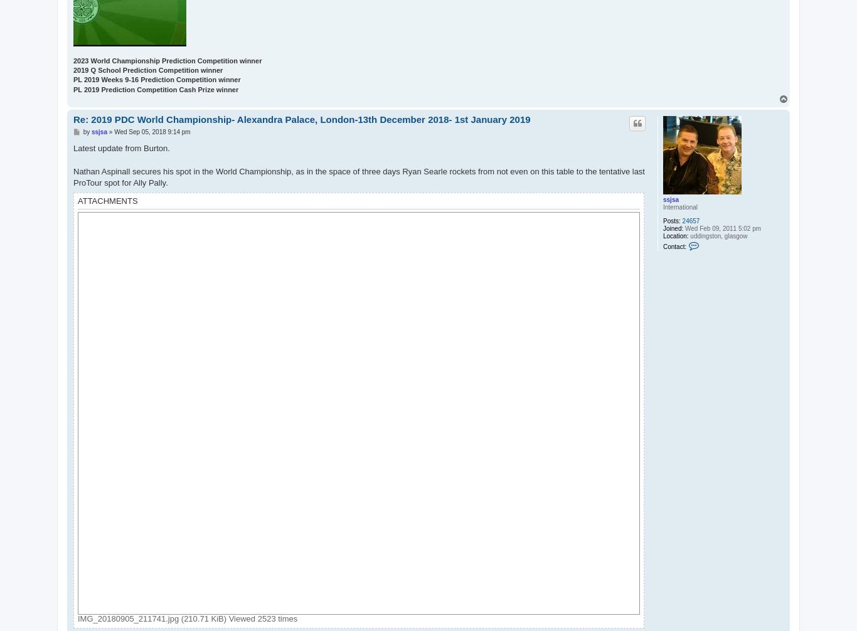  Describe the element at coordinates (718, 235) in the screenshot. I see `'uddingston, glasgow'` at that location.